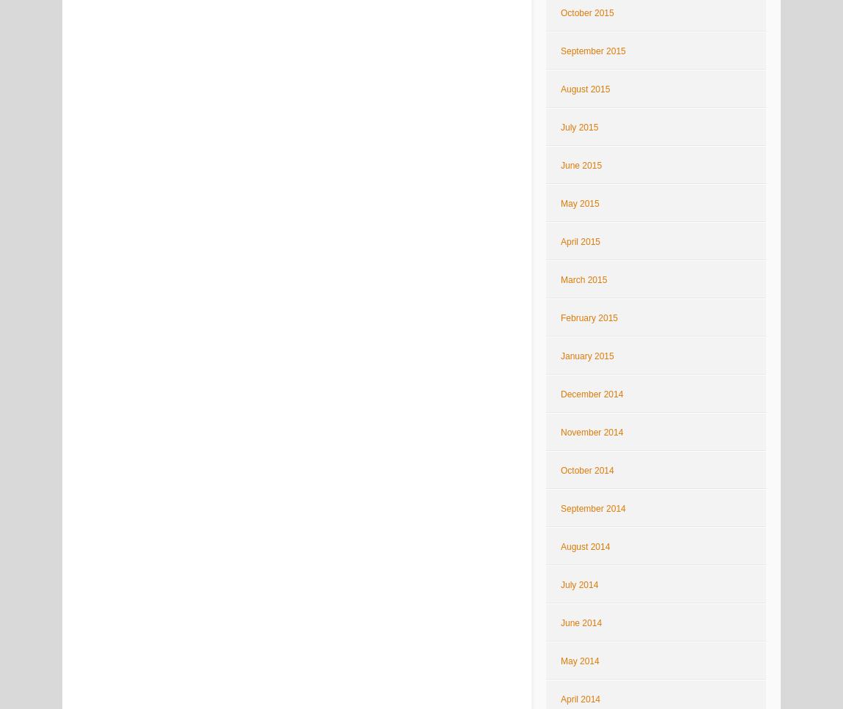 The height and width of the screenshot is (709, 843). What do you see at coordinates (584, 89) in the screenshot?
I see `'August 2015'` at bounding box center [584, 89].